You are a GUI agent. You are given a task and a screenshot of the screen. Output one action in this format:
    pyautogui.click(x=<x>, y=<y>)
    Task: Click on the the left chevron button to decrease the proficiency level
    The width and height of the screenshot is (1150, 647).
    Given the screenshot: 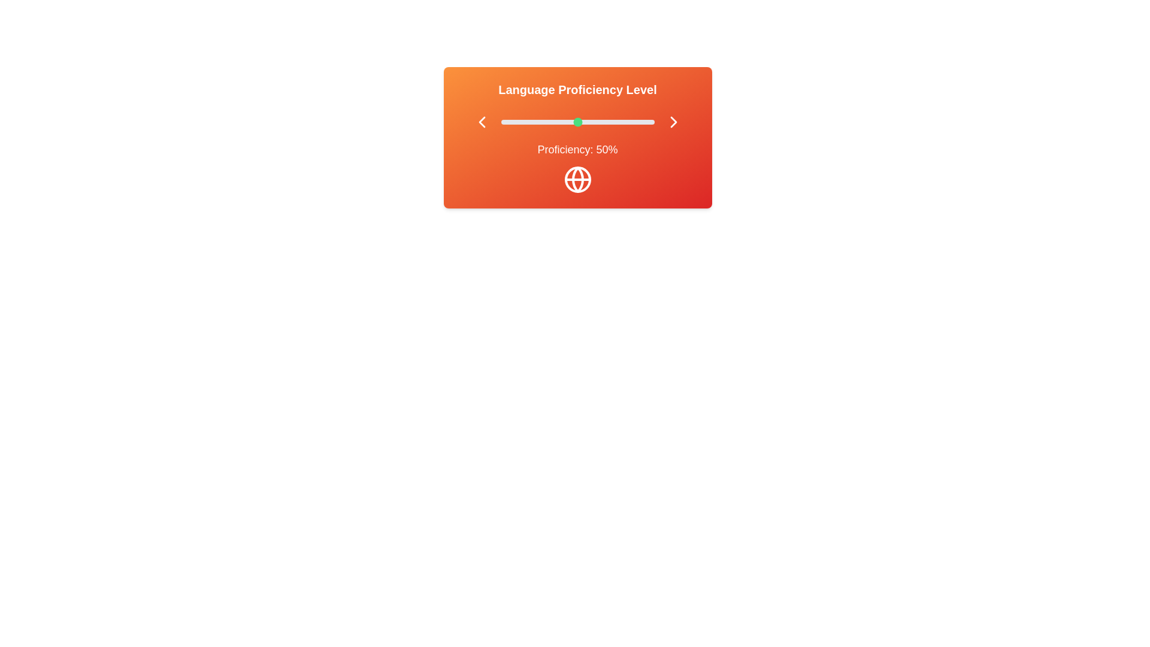 What is the action you would take?
    pyautogui.click(x=482, y=122)
    